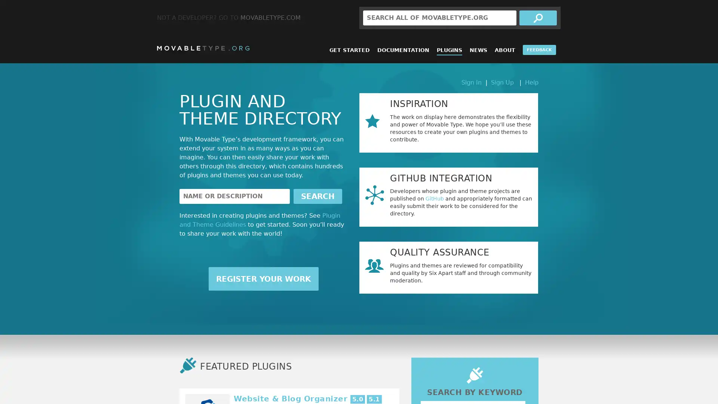  Describe the element at coordinates (538, 17) in the screenshot. I see `search` at that location.